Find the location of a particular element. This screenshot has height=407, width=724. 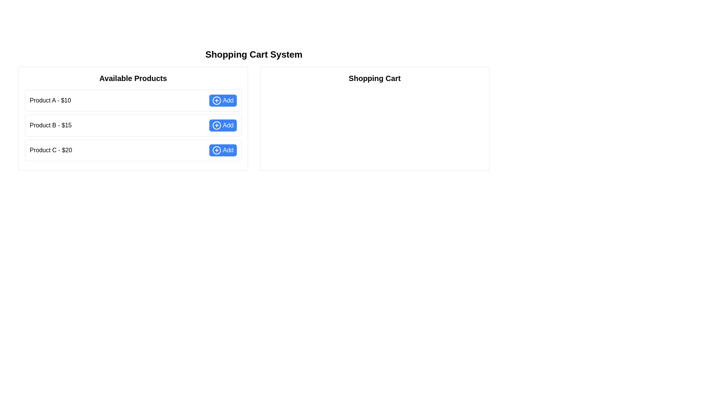

the 'Add' button with a blue background and white text, located on the right end of the row labeled 'Product B - $15' in the 'Available Products' panel is located at coordinates (222, 125).